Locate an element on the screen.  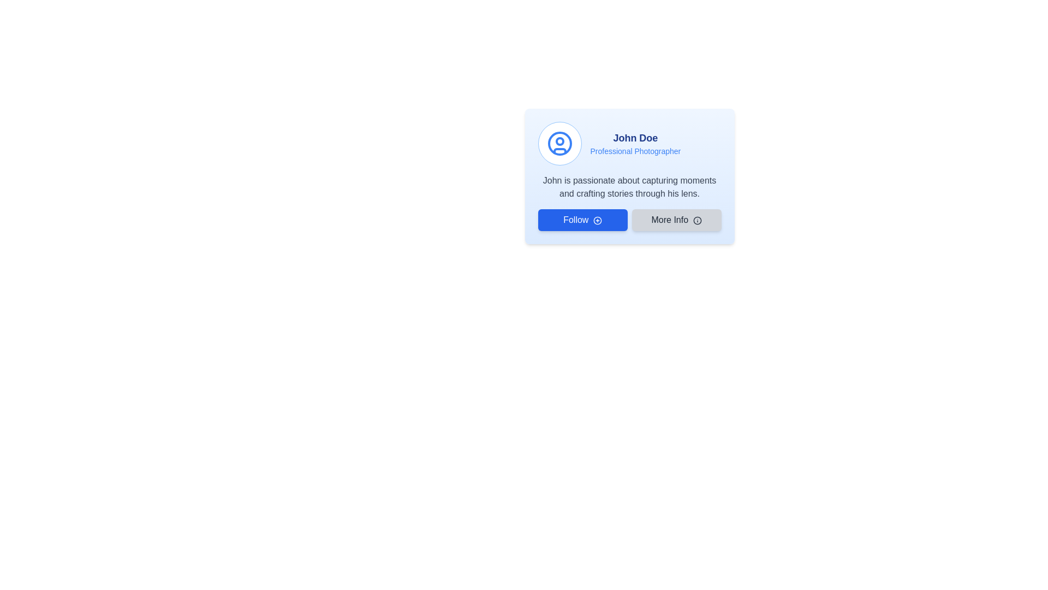
the Text Label that serves as a professional designation for 'John Doe', located directly under the name and spanning horizontally is located at coordinates (635, 151).